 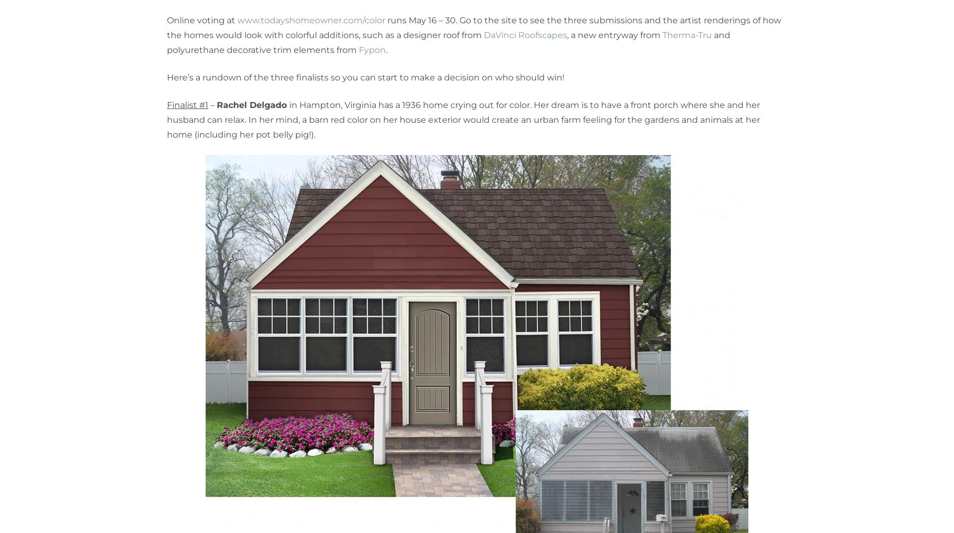 What do you see at coordinates (188, 105) in the screenshot?
I see `'Finalist #1'` at bounding box center [188, 105].